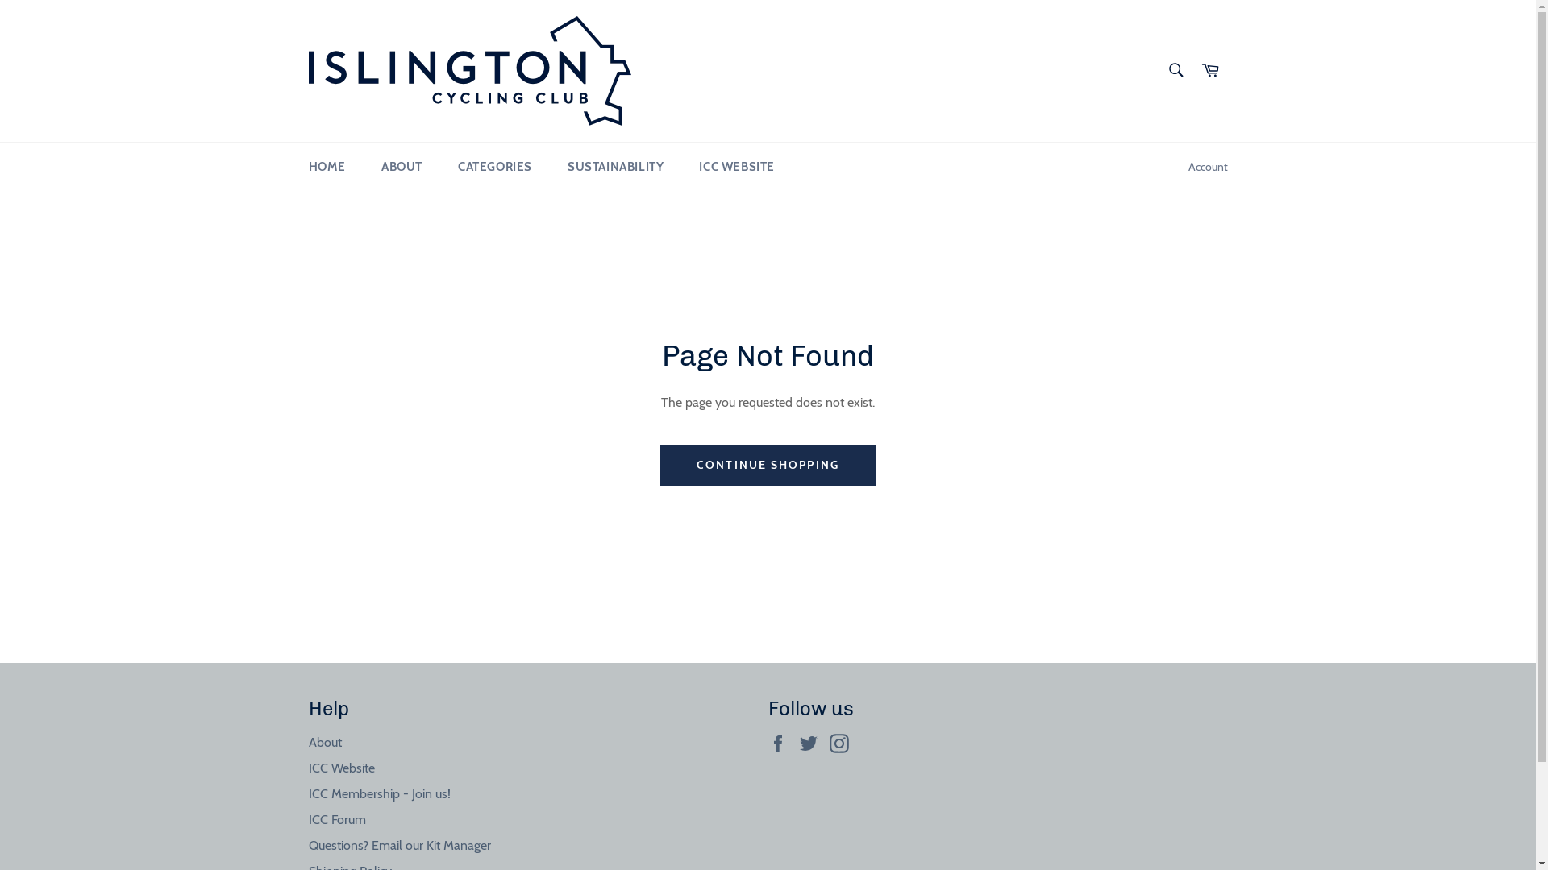 This screenshot has width=1548, height=870. What do you see at coordinates (1208, 167) in the screenshot?
I see `'Account'` at bounding box center [1208, 167].